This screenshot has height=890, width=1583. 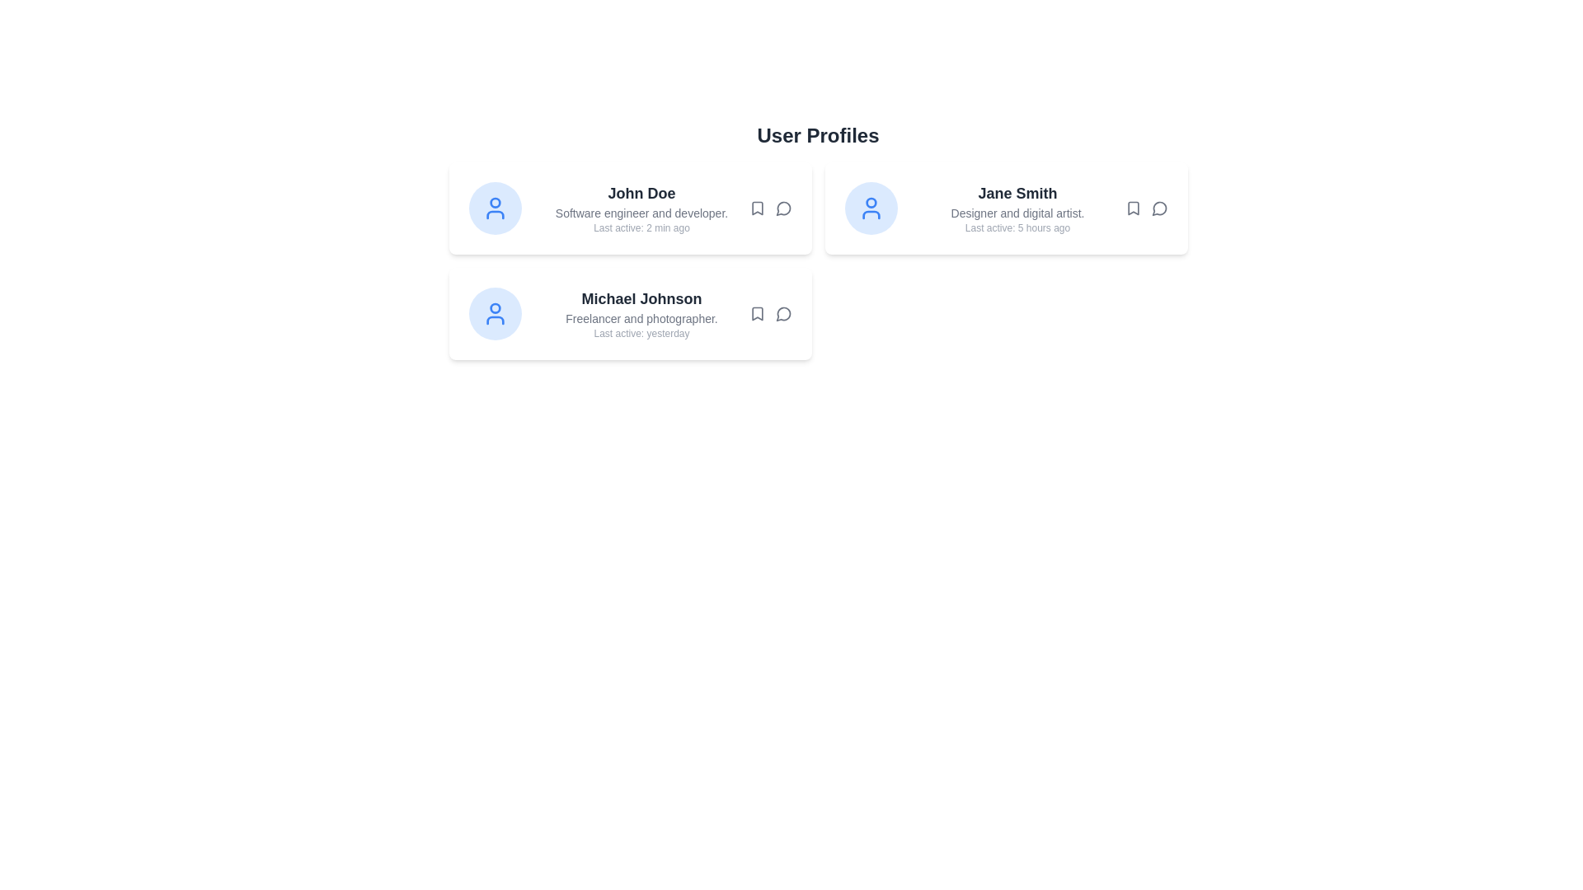 What do you see at coordinates (494, 314) in the screenshot?
I see `the Profile Avatar of user 'Michael Johnson', which is located within his card and positioned to the left of the text content` at bounding box center [494, 314].